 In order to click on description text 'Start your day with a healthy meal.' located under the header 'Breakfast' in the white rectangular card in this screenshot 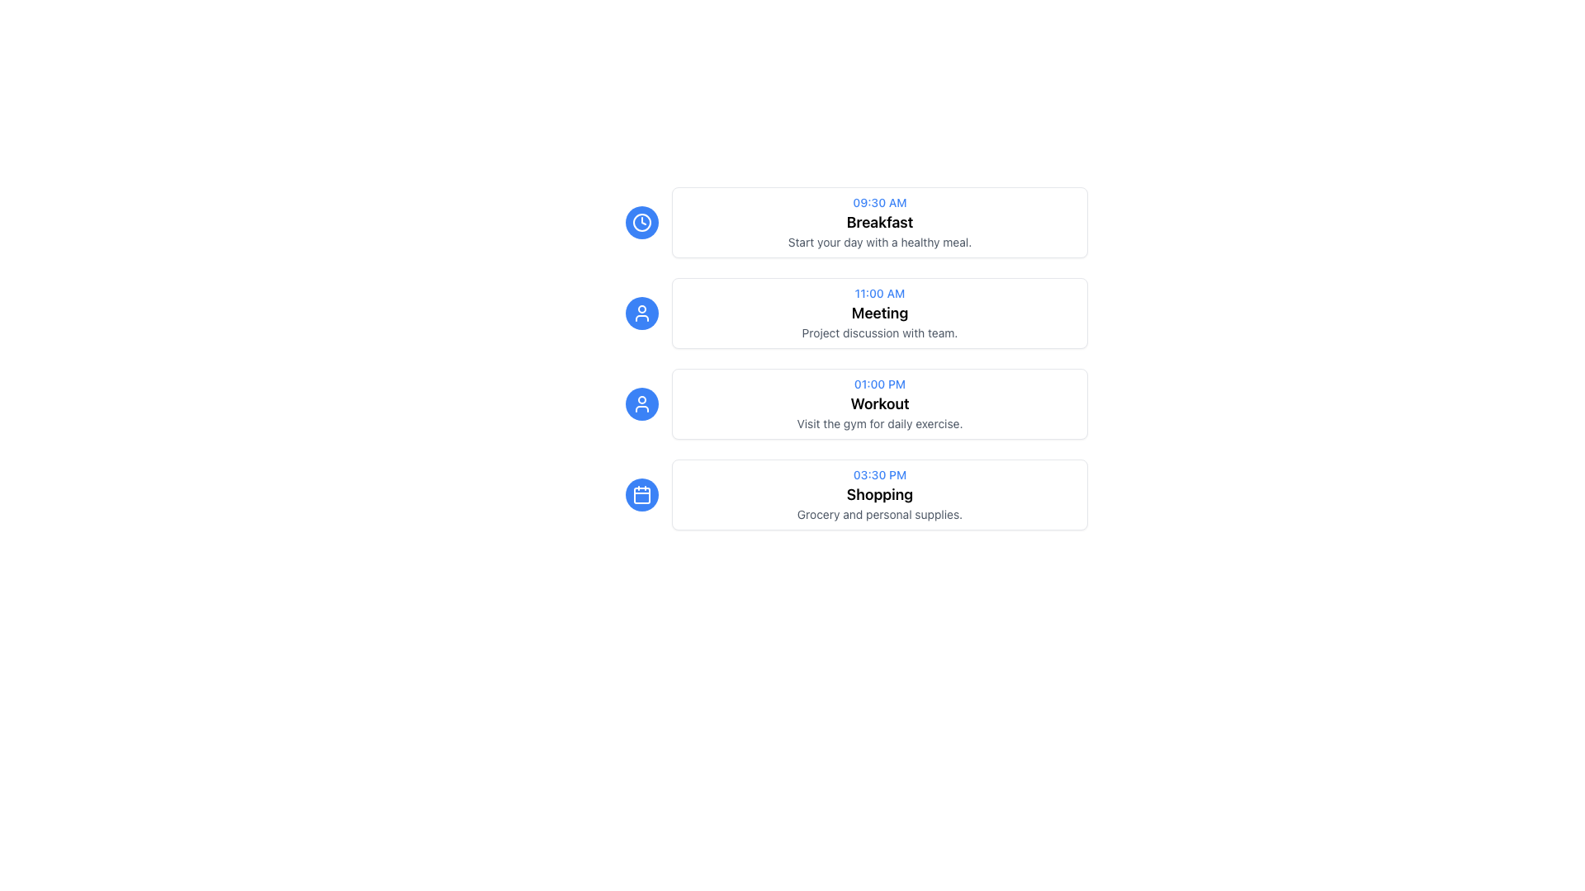, I will do `click(878, 242)`.